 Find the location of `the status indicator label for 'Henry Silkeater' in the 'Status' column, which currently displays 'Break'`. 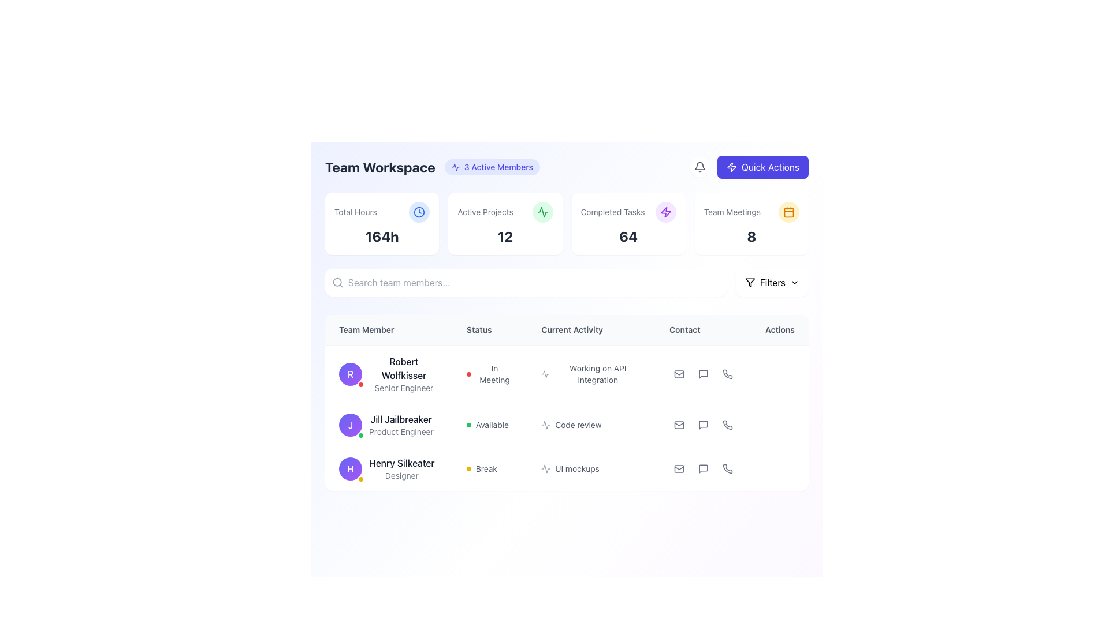

the status indicator label for 'Henry Silkeater' in the 'Status' column, which currently displays 'Break' is located at coordinates (490, 469).